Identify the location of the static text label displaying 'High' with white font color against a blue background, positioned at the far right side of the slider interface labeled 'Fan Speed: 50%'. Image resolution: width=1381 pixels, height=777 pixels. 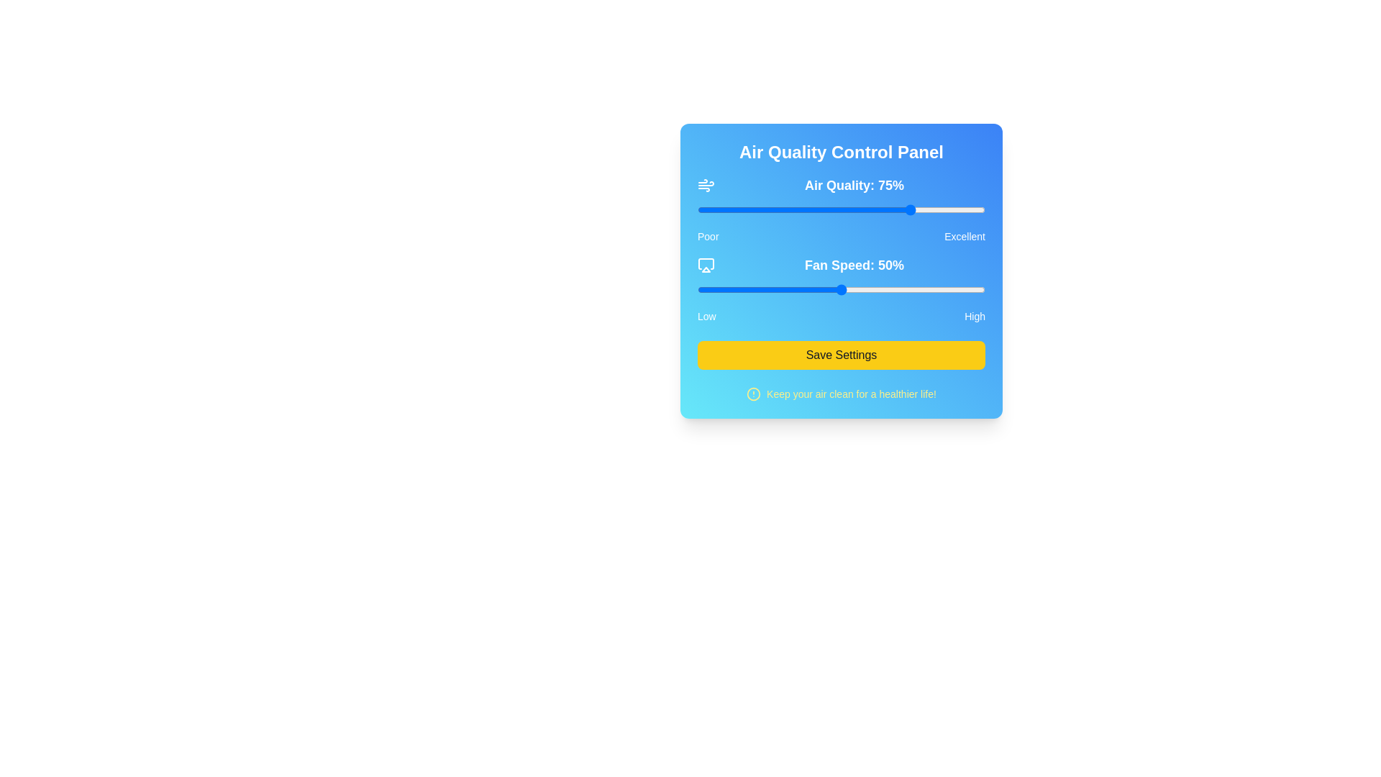
(975, 315).